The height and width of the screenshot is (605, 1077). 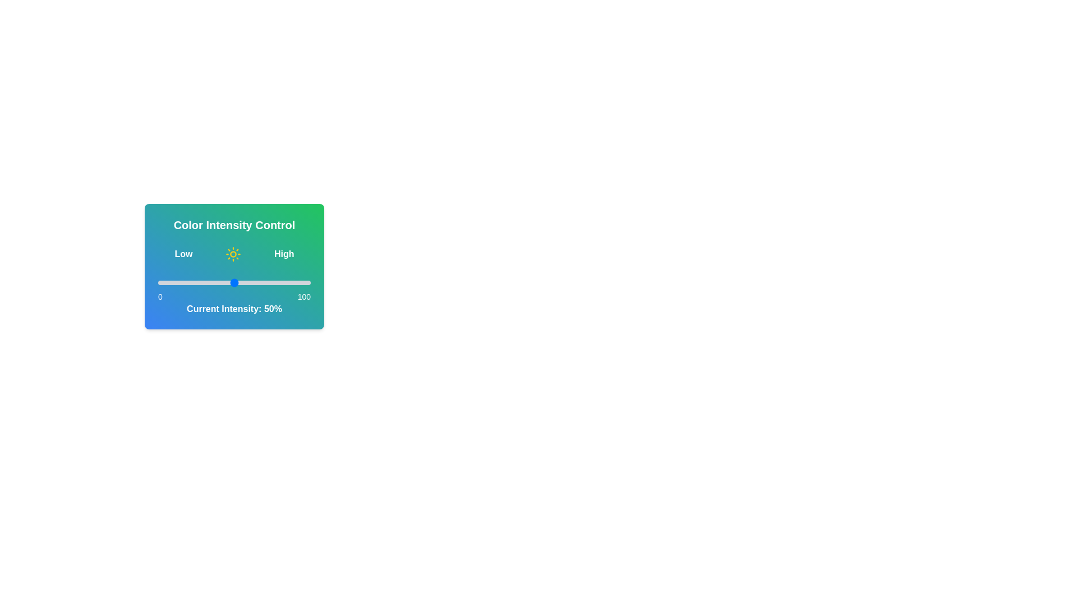 What do you see at coordinates (159, 296) in the screenshot?
I see `the Text label representing the minimum value for the slider control in the 'Color Intensity Control' panel, located on the lower-left side, to the left of the number '100'` at bounding box center [159, 296].